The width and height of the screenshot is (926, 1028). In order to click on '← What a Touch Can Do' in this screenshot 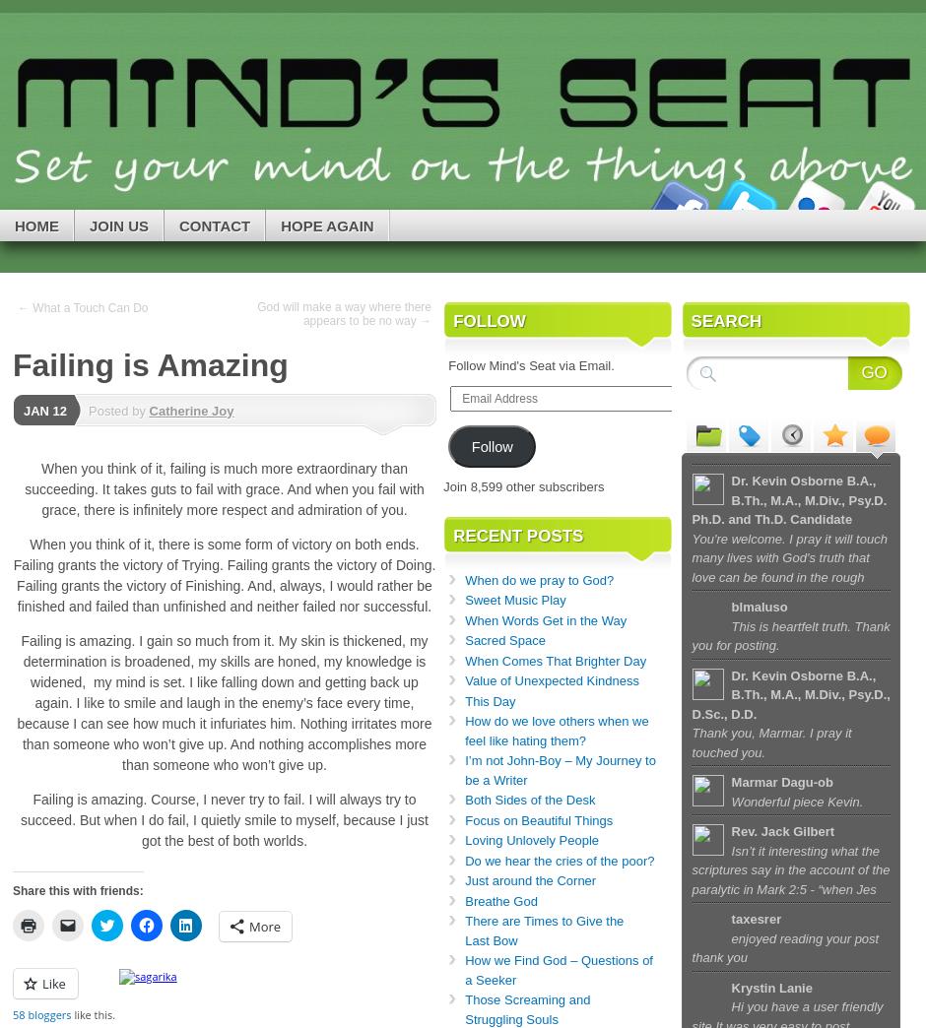, I will do `click(83, 306)`.